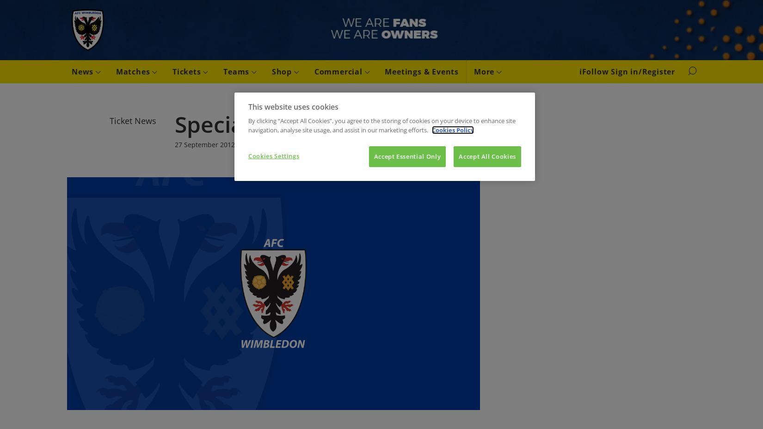 This screenshot has height=429, width=763. I want to click on 'News', so click(84, 71).